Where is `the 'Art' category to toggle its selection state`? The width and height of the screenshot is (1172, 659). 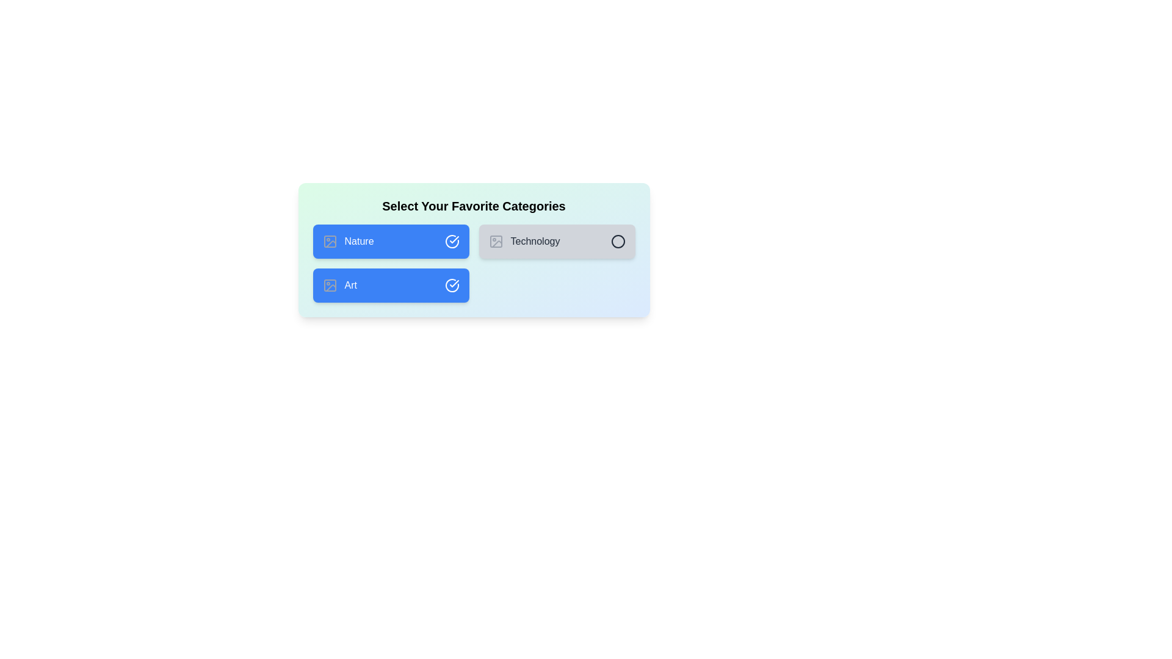
the 'Art' category to toggle its selection state is located at coordinates (391, 285).